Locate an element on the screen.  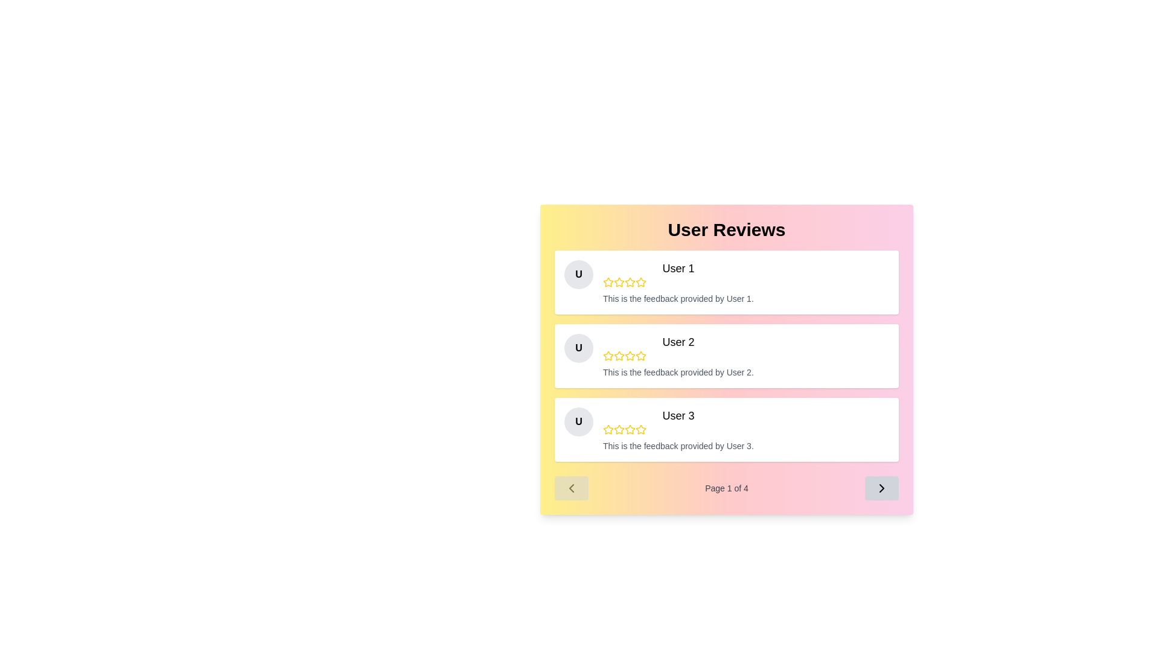
the third star icon in the rating scale for 'User 3' in the review section to indicate a specific rating level is located at coordinates (619, 429).